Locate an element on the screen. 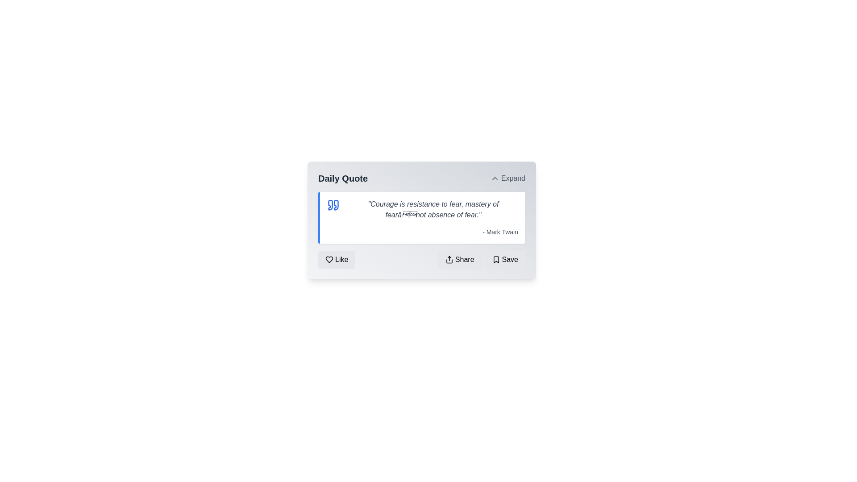  or highlight the motivational quote text displayed above the attribution '- Mark Twain.' is located at coordinates (433, 210).